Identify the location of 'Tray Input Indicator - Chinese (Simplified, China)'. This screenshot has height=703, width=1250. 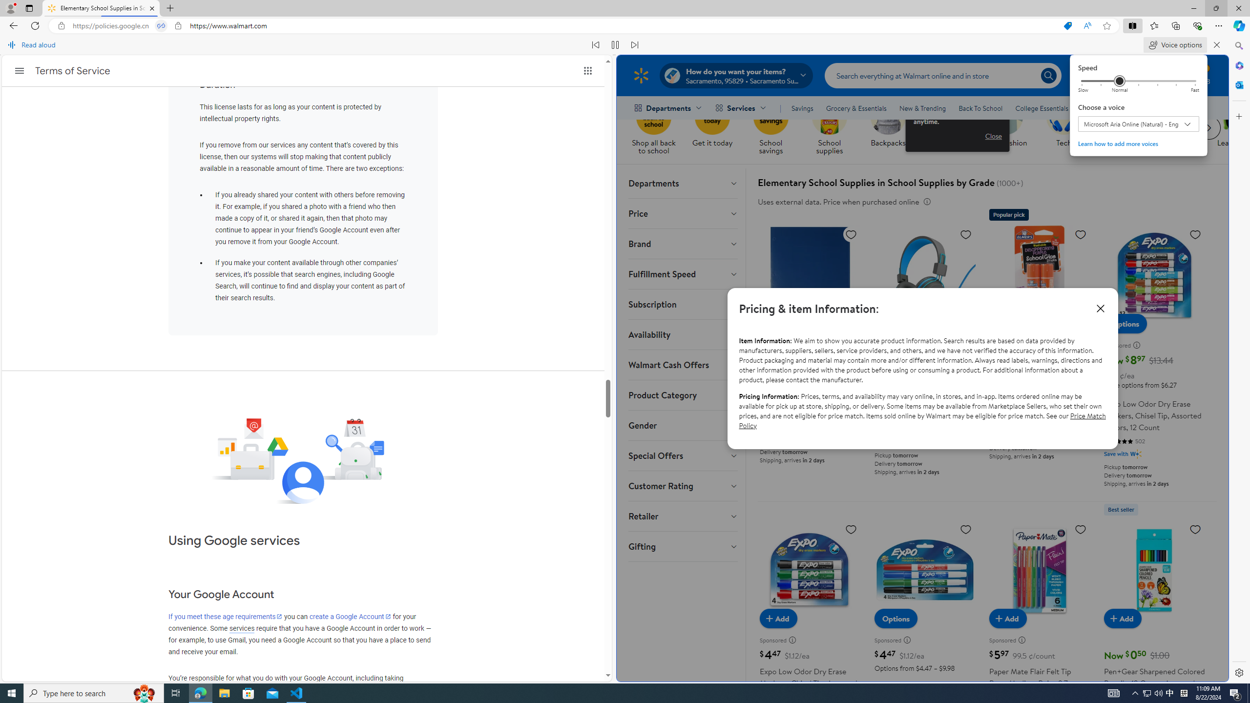
(1184, 692).